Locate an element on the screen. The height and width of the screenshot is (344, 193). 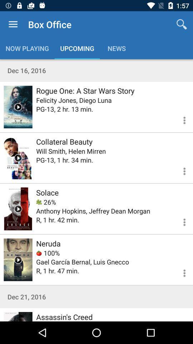
open menu for rogue one is located at coordinates (180, 119).